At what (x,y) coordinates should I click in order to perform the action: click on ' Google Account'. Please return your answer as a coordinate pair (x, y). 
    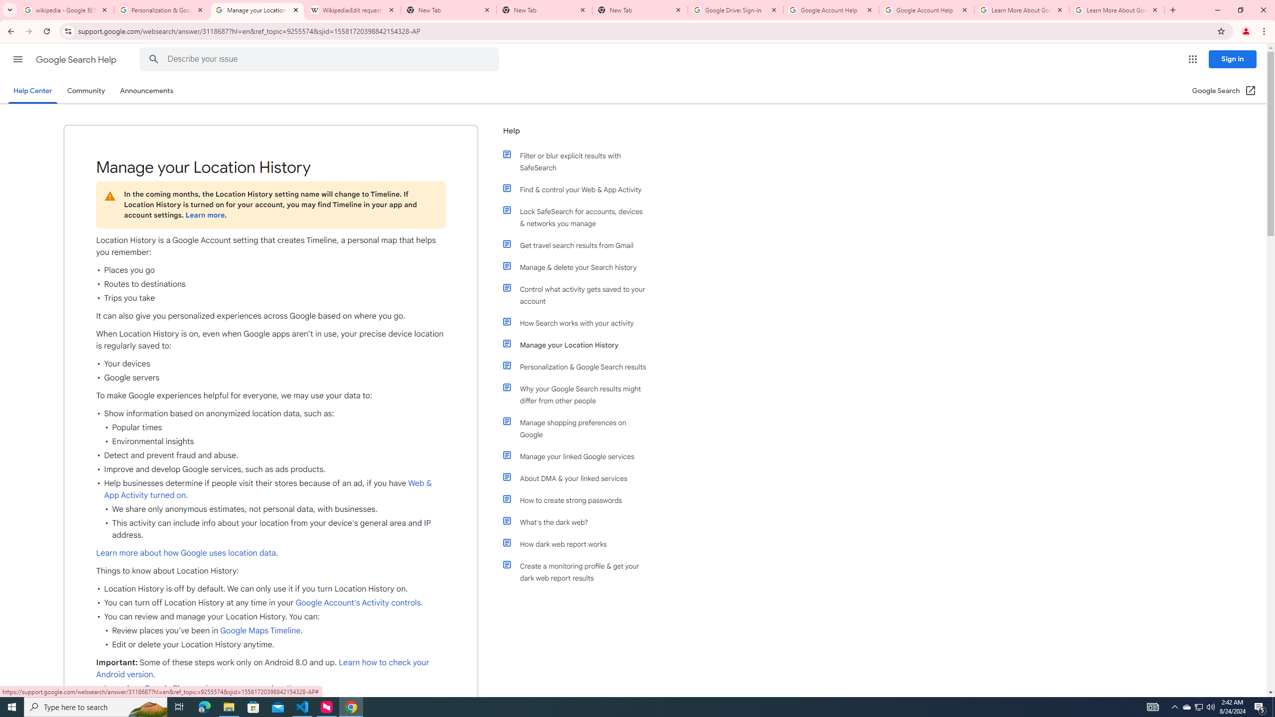
    Looking at the image, I should click on (357, 602).